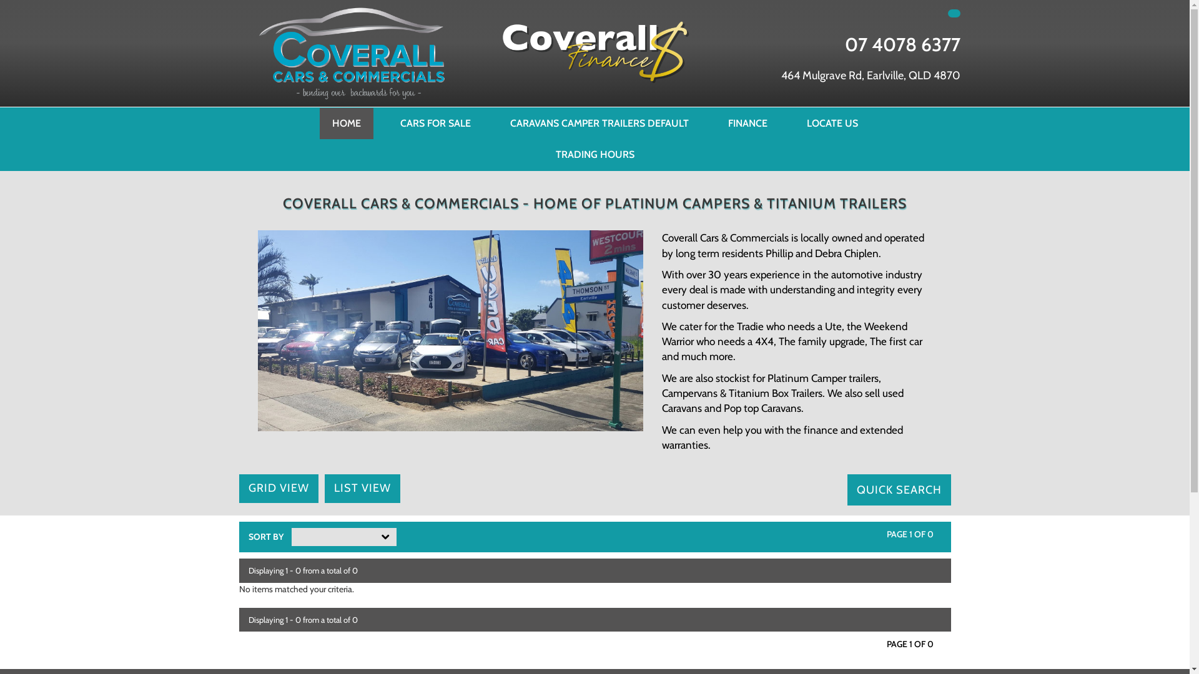  What do you see at coordinates (362, 488) in the screenshot?
I see `'LIST VIEW'` at bounding box center [362, 488].